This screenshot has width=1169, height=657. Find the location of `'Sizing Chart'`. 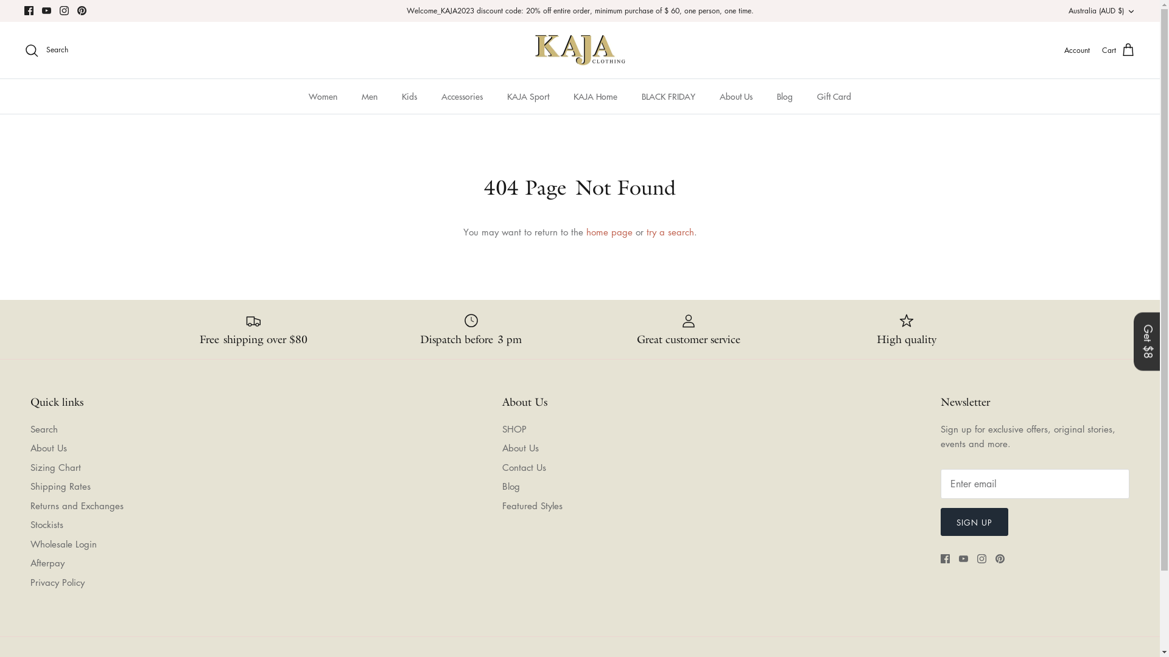

'Sizing Chart' is located at coordinates (55, 466).